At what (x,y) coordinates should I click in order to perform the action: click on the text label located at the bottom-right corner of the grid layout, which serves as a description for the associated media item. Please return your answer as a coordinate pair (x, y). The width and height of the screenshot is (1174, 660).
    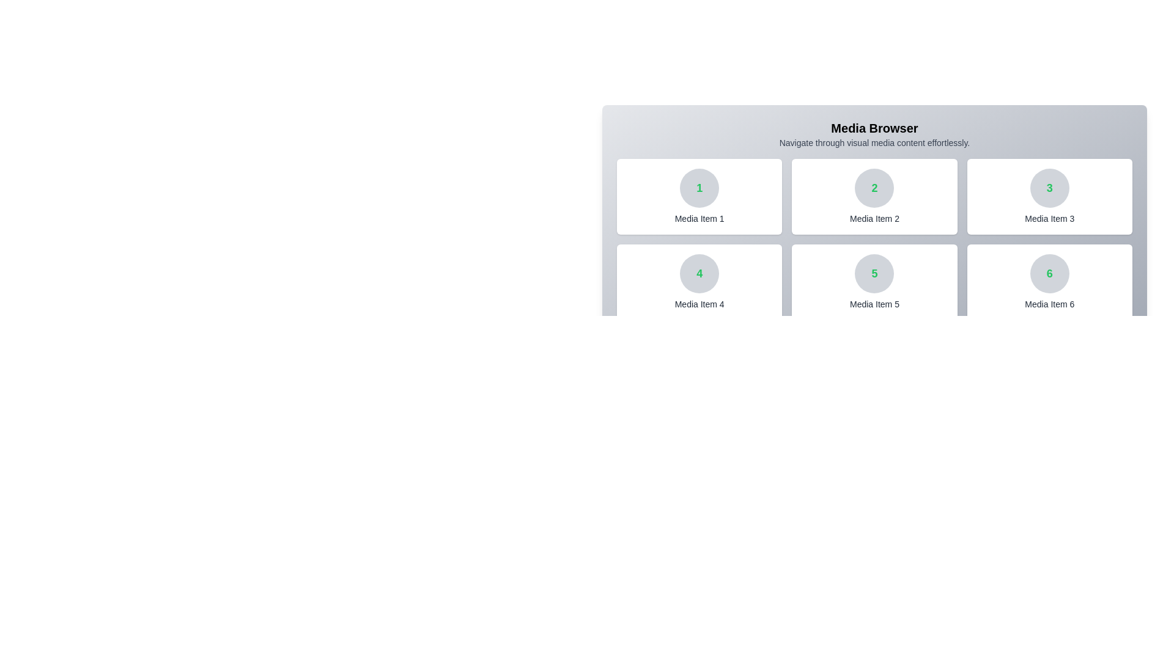
    Looking at the image, I should click on (1049, 303).